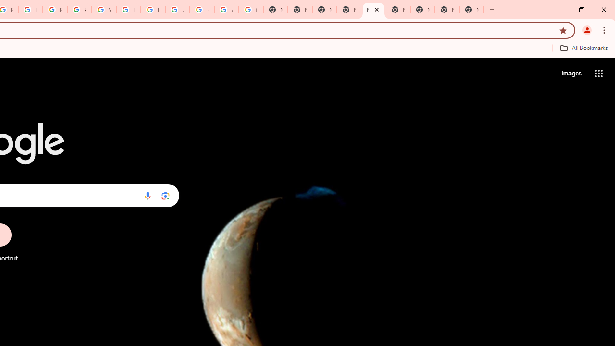 This screenshot has width=615, height=346. What do you see at coordinates (251, 10) in the screenshot?
I see `'Google Images'` at bounding box center [251, 10].